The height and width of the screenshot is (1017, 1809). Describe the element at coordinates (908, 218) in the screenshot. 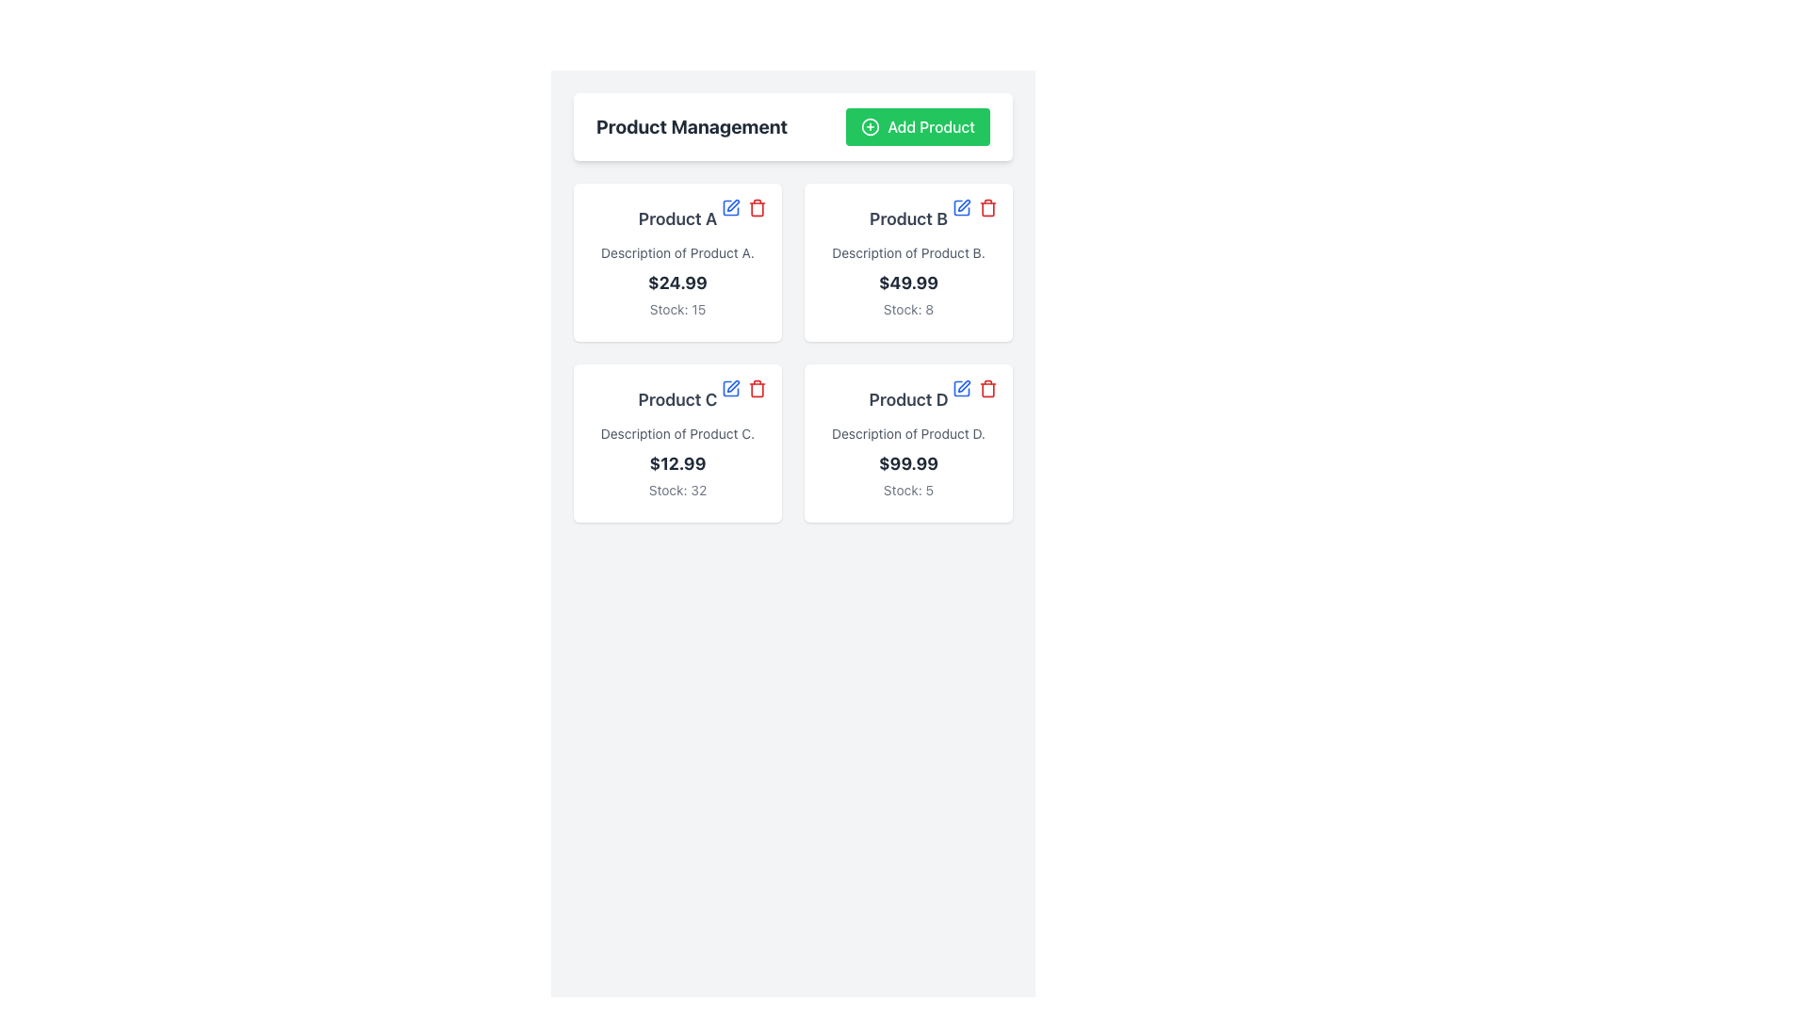

I see `text heading styled in a larger font, bolded and colored medium gray that reads 'Product B', located prominently as the title within the card interface in the upper right quadrant of the four-card grid layout` at that location.